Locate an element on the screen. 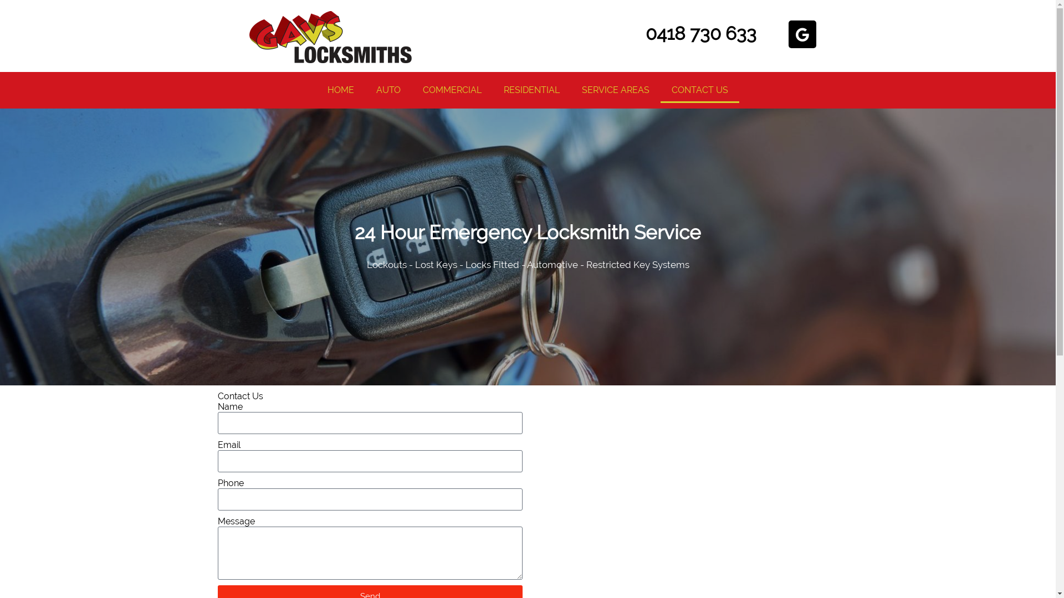 The image size is (1064, 598). 'SERVICE AREAS' is located at coordinates (615, 89).